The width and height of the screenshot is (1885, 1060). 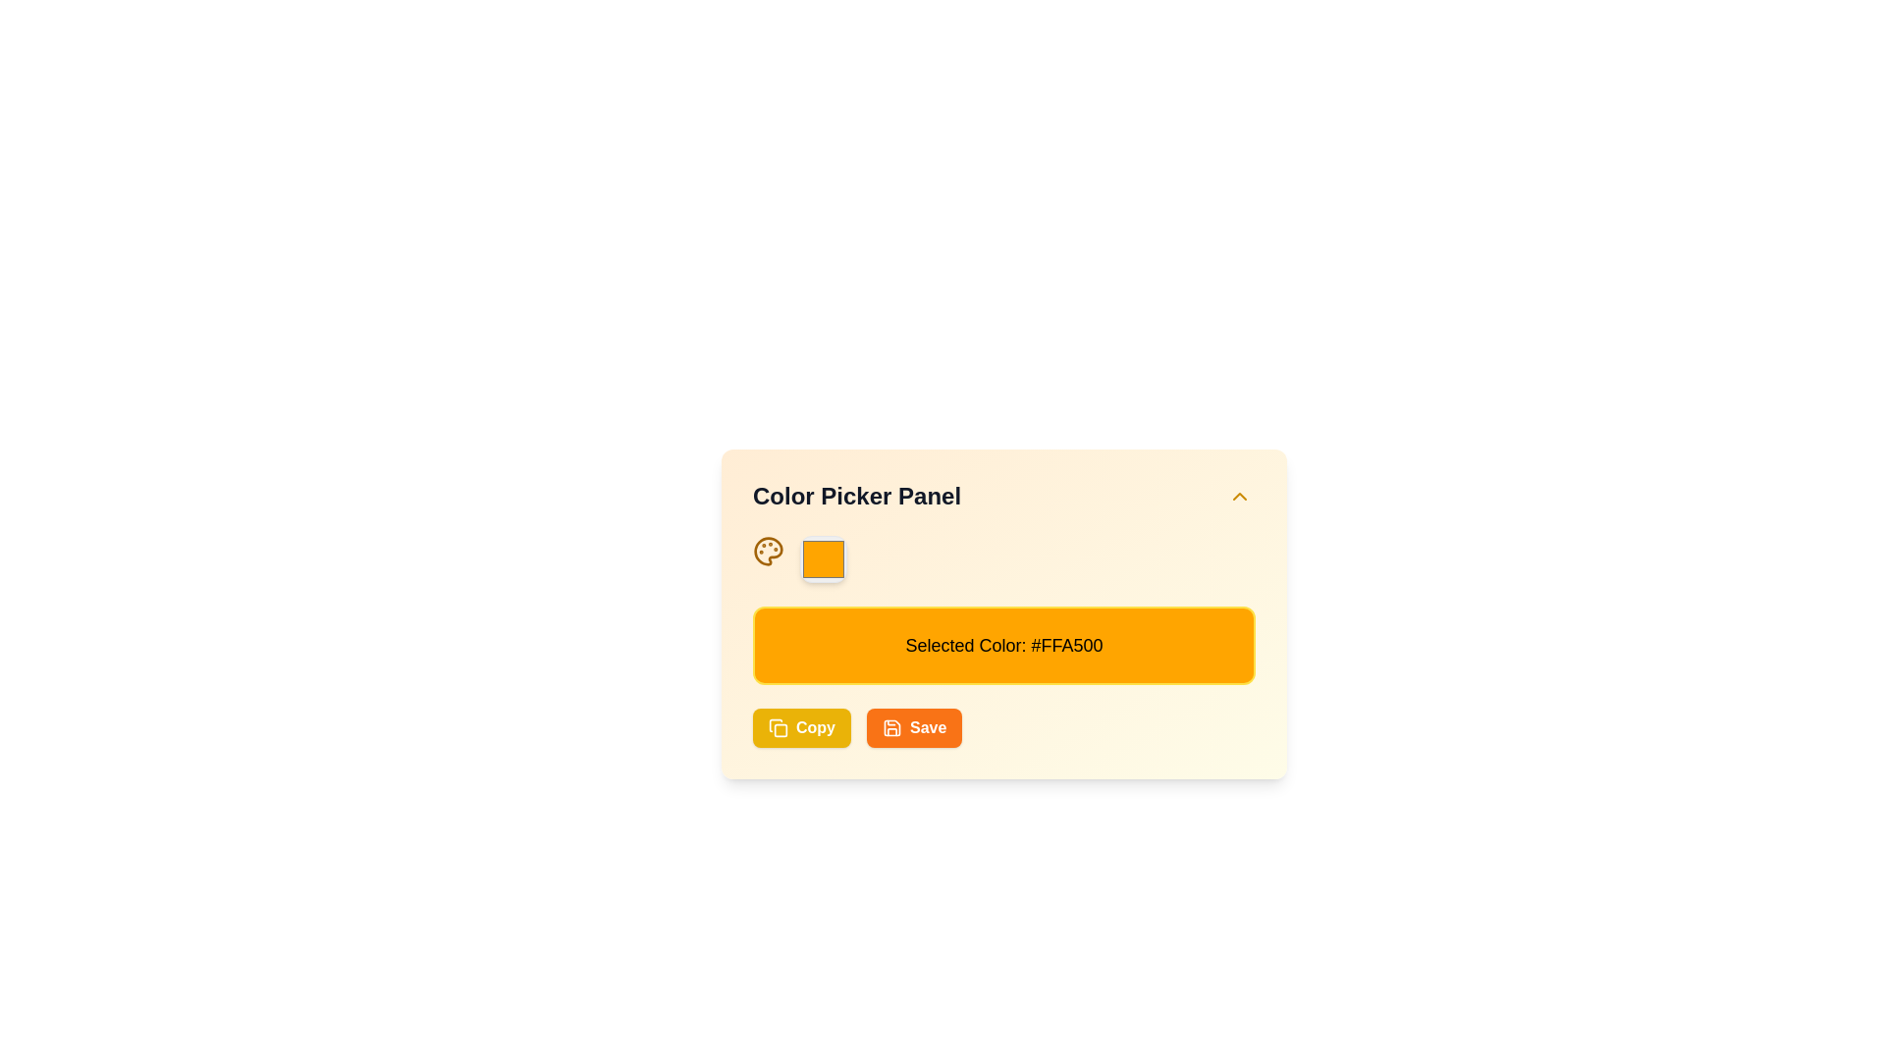 What do you see at coordinates (1238, 495) in the screenshot?
I see `the control button located on the rightmost side of the header section labeled 'Color Picker Panel'` at bounding box center [1238, 495].